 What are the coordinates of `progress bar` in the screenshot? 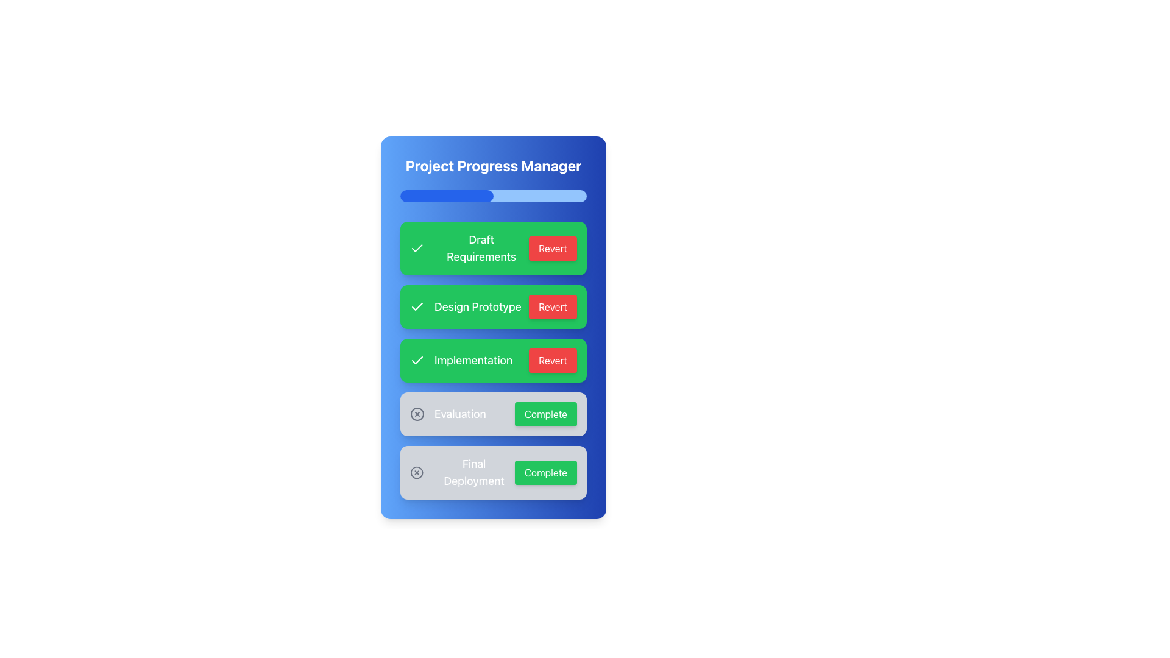 It's located at (550, 195).